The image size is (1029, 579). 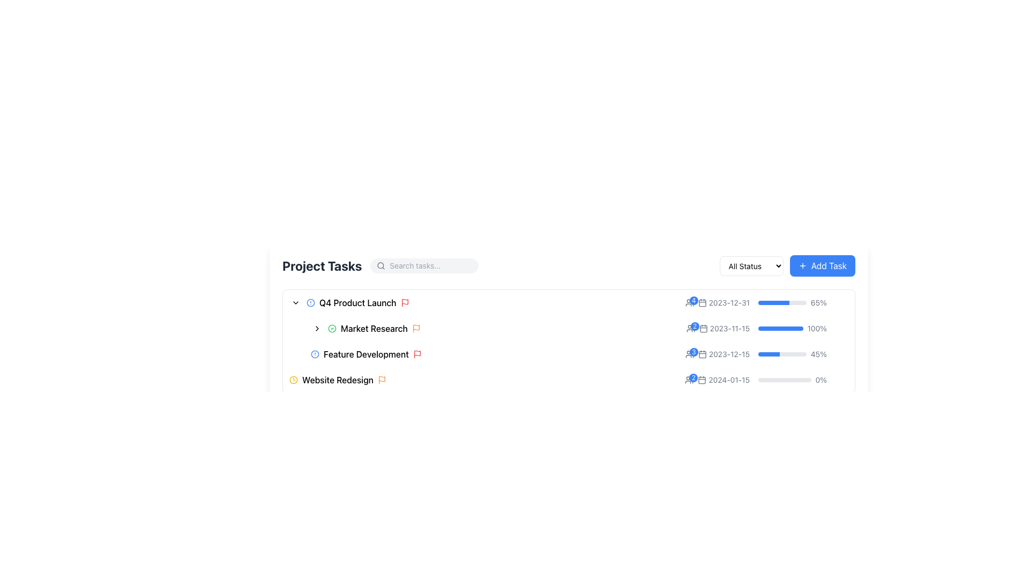 What do you see at coordinates (782, 354) in the screenshot?
I see `the completion percentage of the progress bar representing the task for the date 2023-12-15, which is the third item in the list` at bounding box center [782, 354].